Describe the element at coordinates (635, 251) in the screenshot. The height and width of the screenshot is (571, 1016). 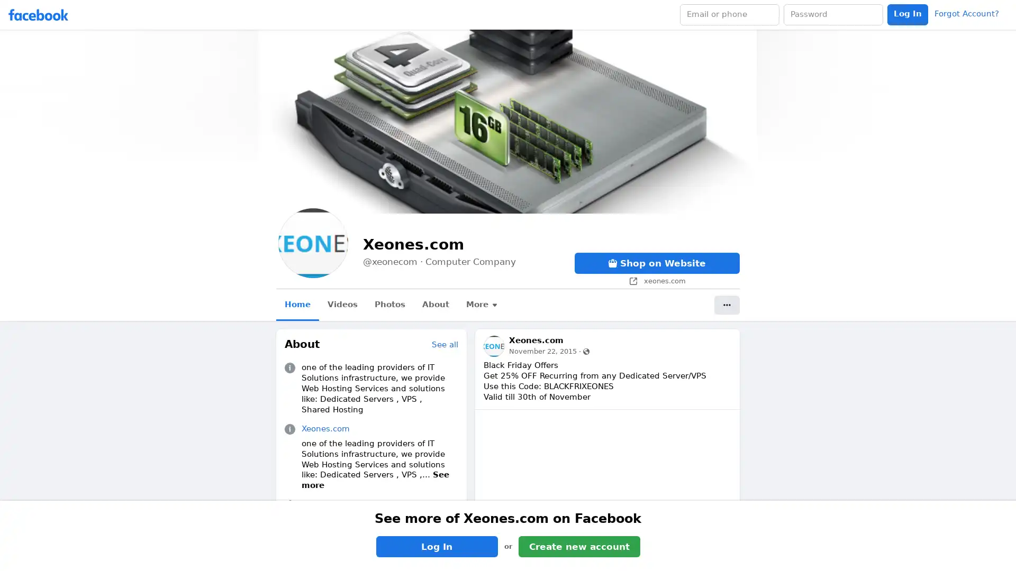
I see `Close` at that location.